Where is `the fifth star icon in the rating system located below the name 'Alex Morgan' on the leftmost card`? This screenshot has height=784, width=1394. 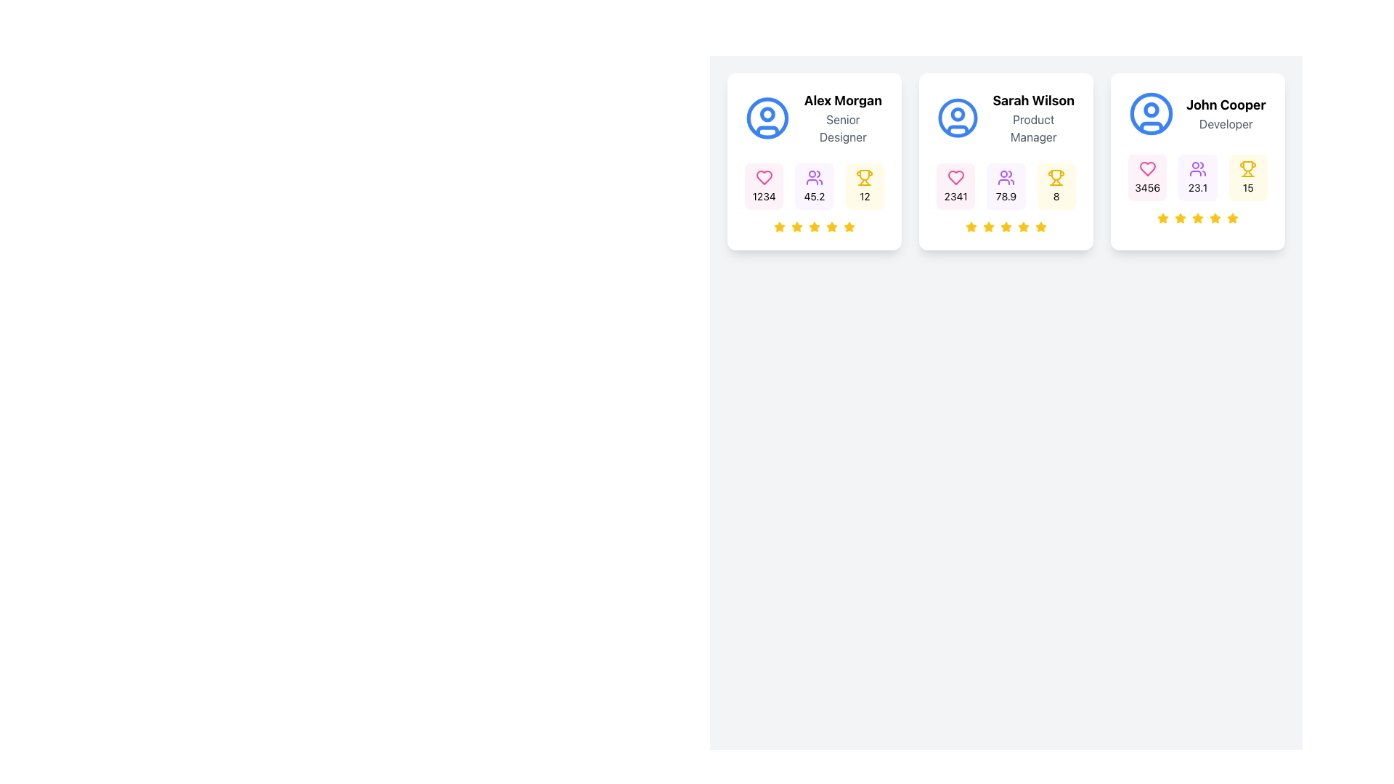 the fifth star icon in the rating system located below the name 'Alex Morgan' on the leftmost card is located at coordinates (779, 226).